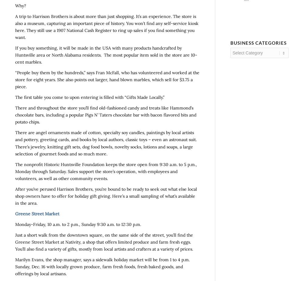  I want to click on 'The nonprofit Historic Huntsville Foundation keeps the store open from 9:30 a.m. to 5 p.m., Monday through Saturday. Sales support the store’s operation, with employees and volunteers, as well as other community events.', so click(15, 171).